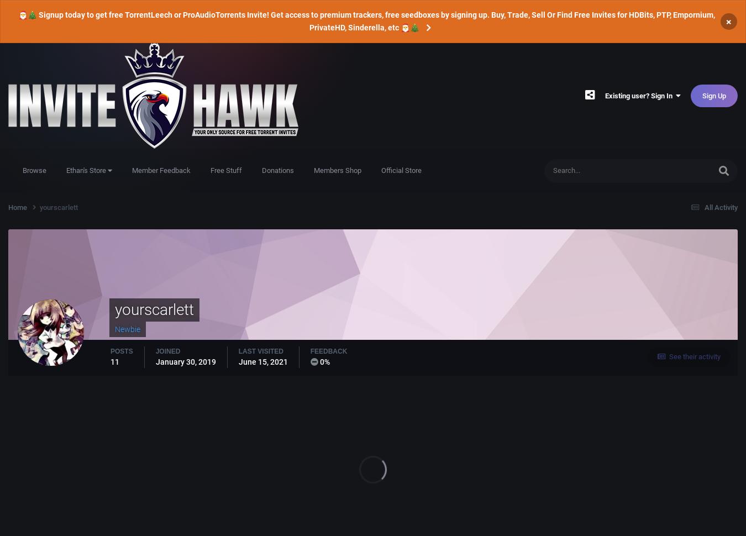 This screenshot has height=536, width=746. What do you see at coordinates (637, 216) in the screenshot?
I see `'Raffles'` at bounding box center [637, 216].